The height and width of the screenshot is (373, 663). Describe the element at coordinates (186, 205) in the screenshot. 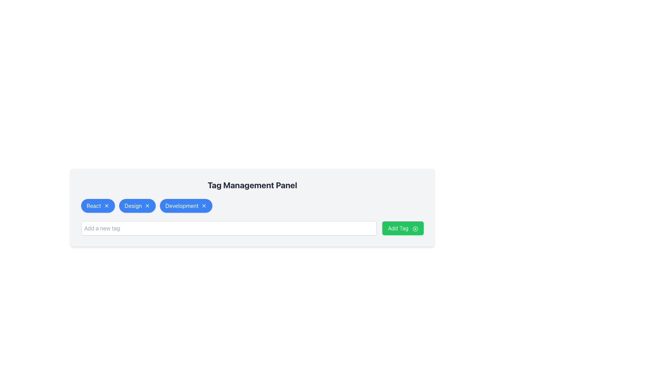

I see `the blue rounded rectangular button labeled 'Development' located in the upper central portion of the interface` at that location.